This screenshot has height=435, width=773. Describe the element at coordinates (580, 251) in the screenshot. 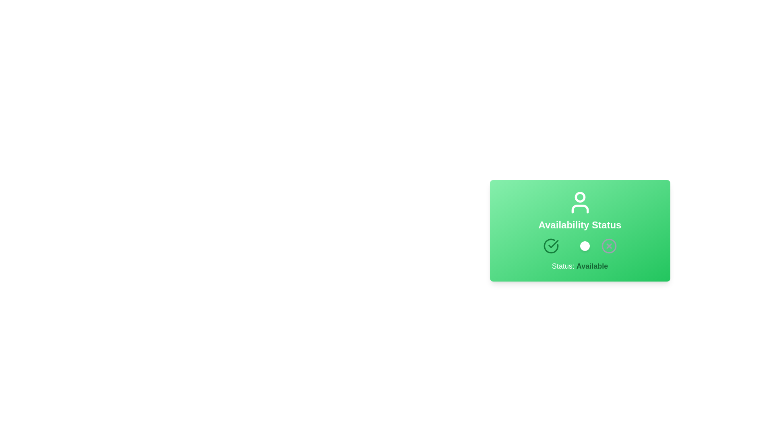

I see `the toggle switch located` at that location.